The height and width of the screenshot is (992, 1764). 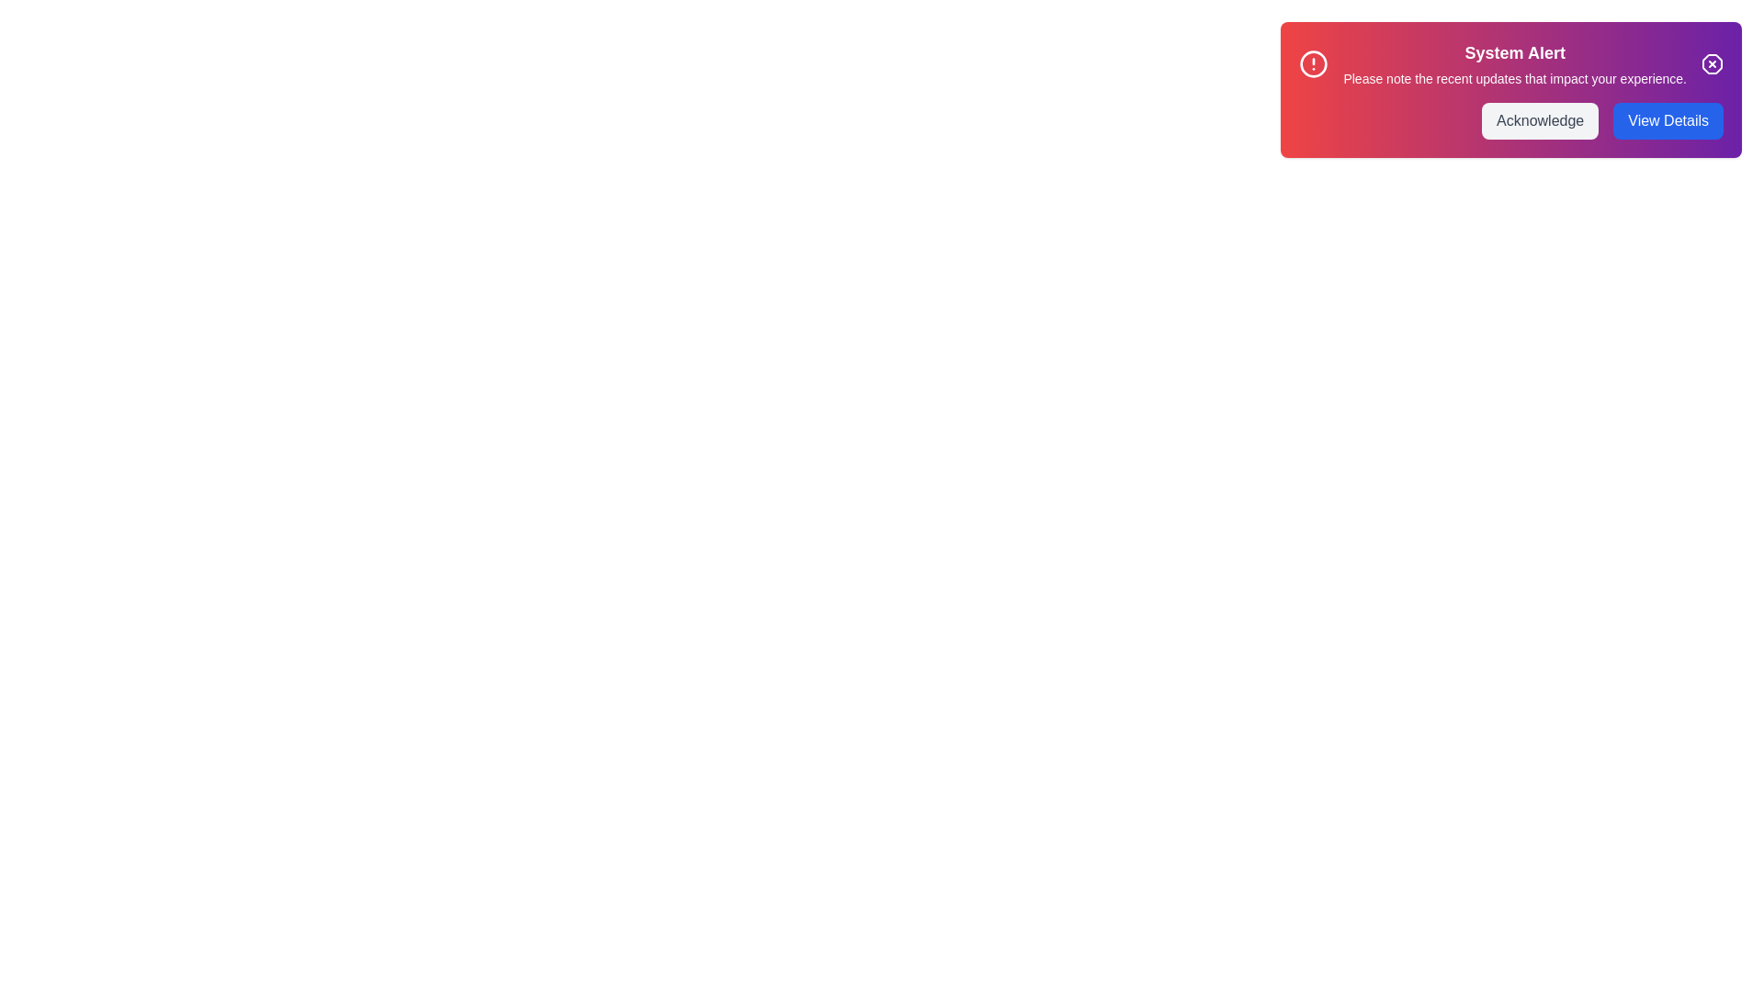 What do you see at coordinates (1711, 62) in the screenshot?
I see `the close button to dismiss the alert` at bounding box center [1711, 62].